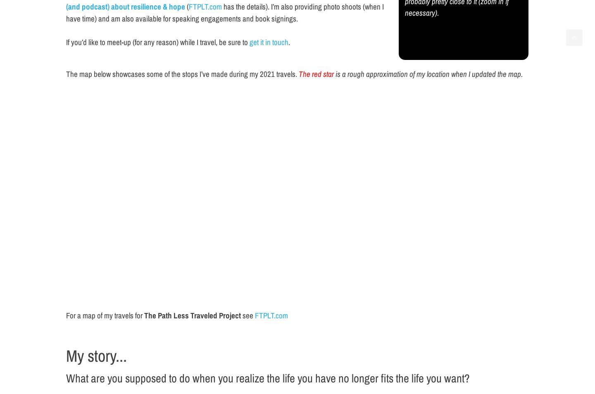 This screenshot has width=595, height=394. Describe the element at coordinates (428, 73) in the screenshot. I see `'is a rough approximation of my location when I updated the map.'` at that location.